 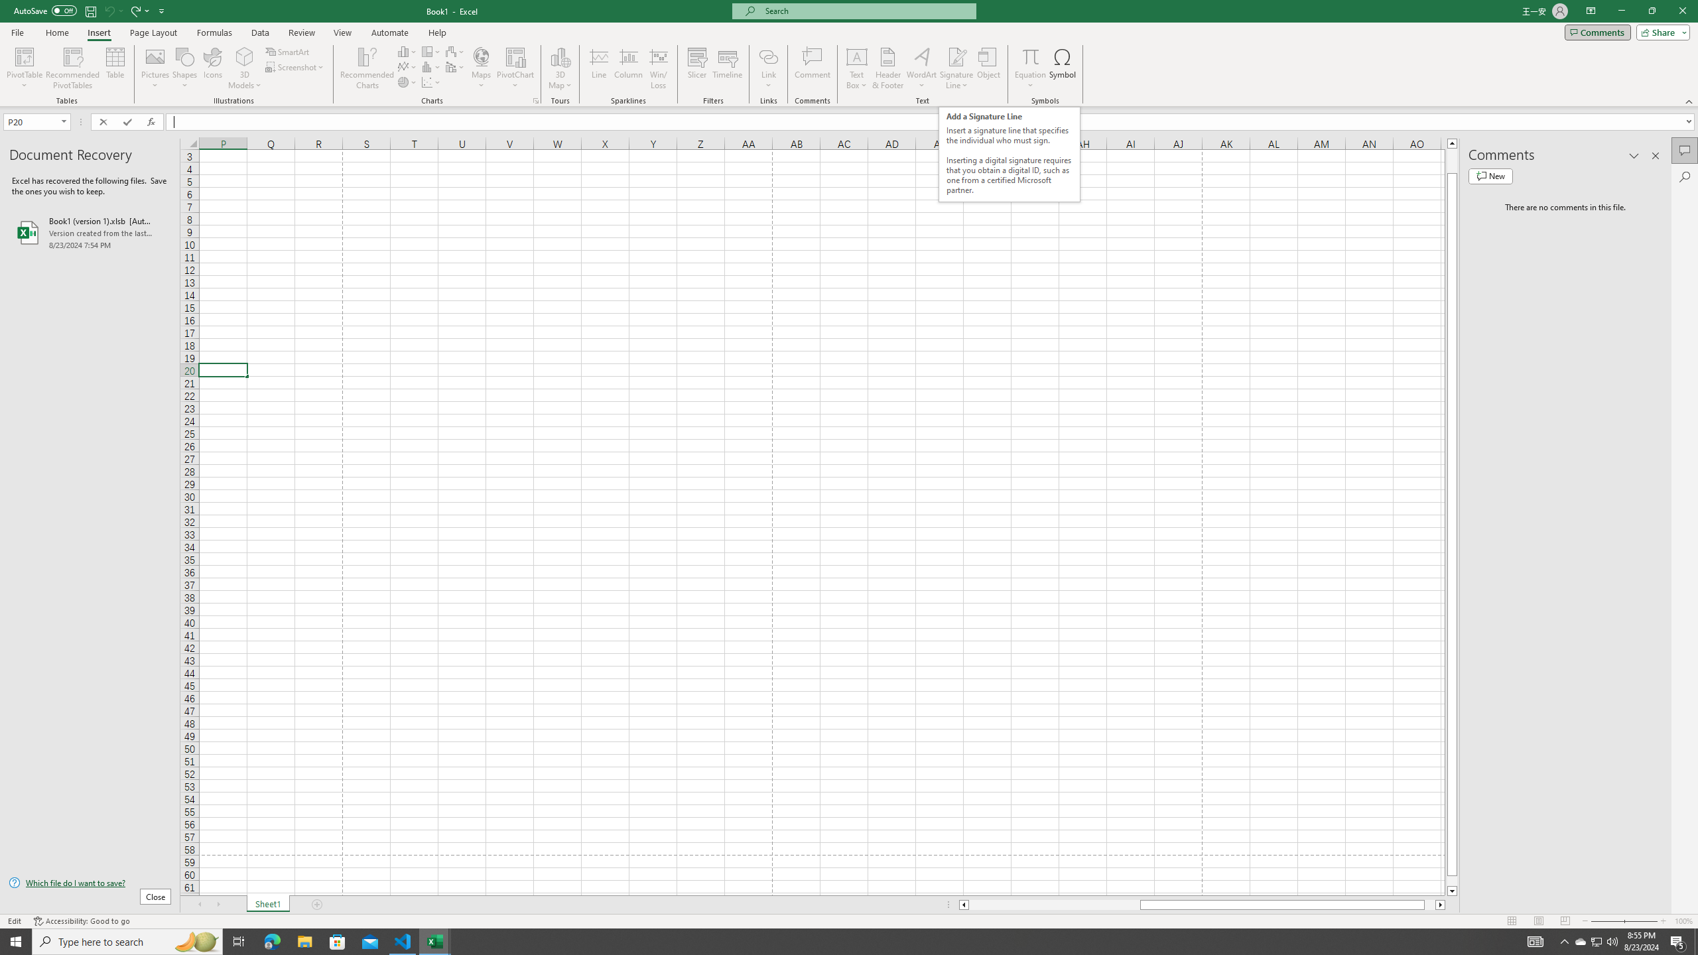 I want to click on 'Equation', so click(x=1030, y=68).